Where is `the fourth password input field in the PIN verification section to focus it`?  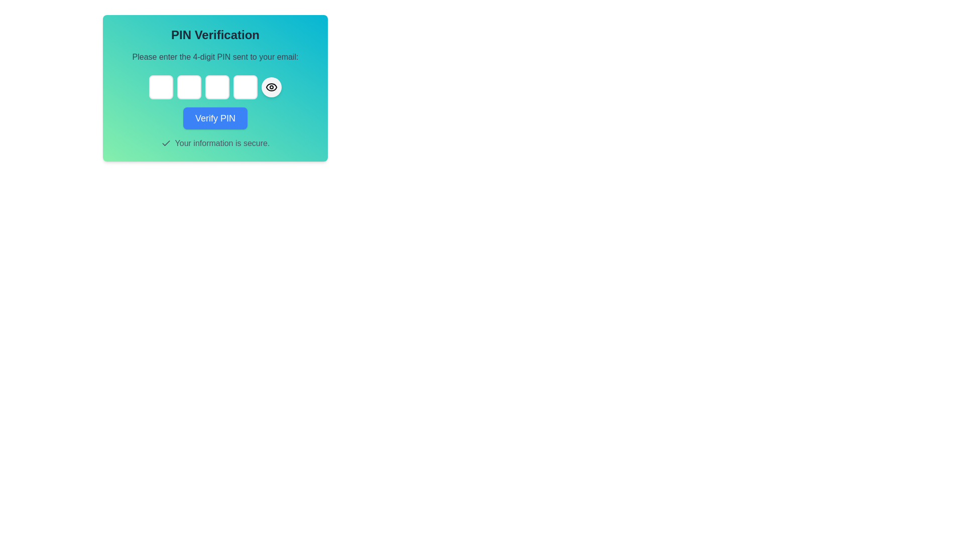 the fourth password input field in the PIN verification section to focus it is located at coordinates (246, 86).